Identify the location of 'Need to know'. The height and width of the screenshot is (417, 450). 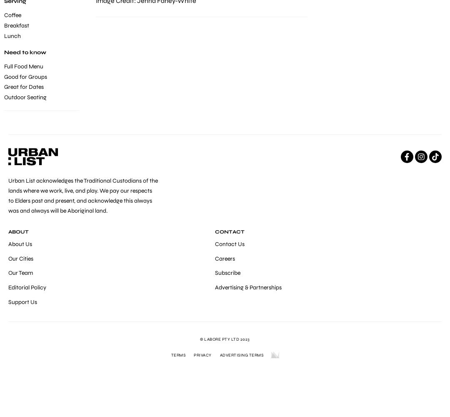
(25, 53).